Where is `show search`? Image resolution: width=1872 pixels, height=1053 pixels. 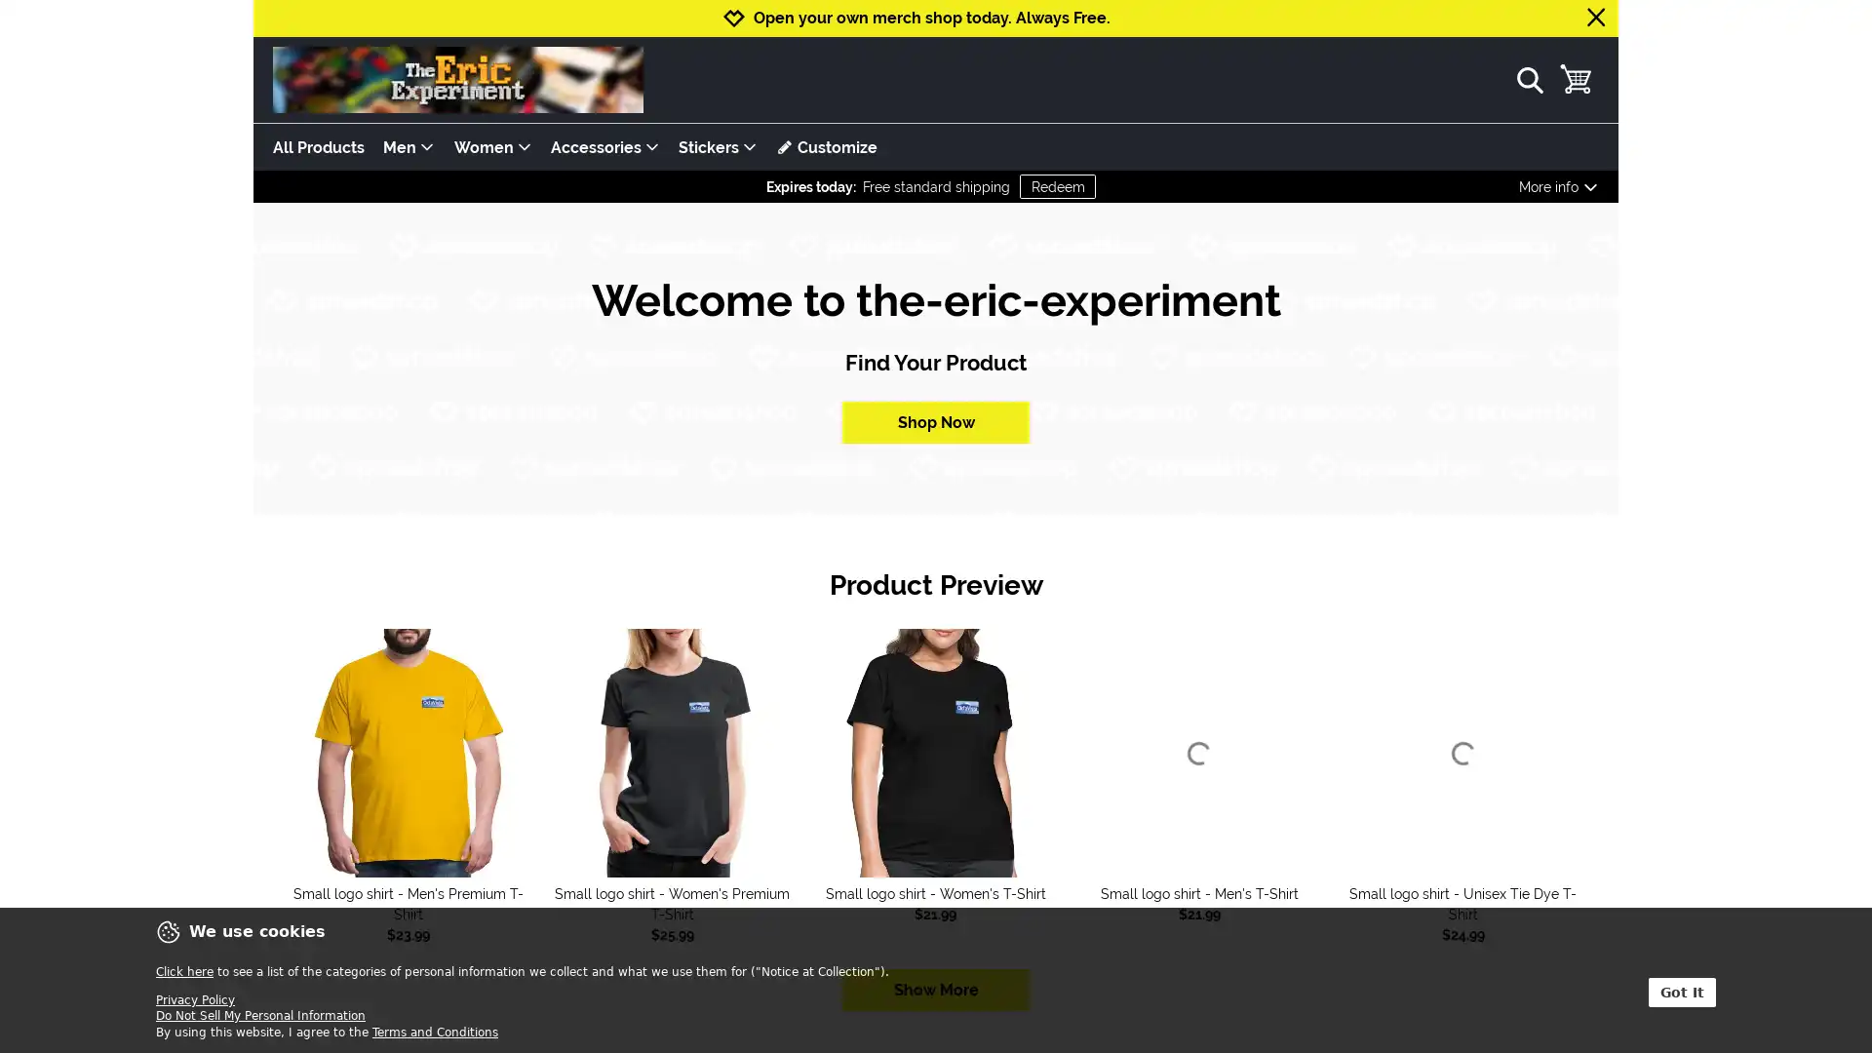 show search is located at coordinates (1528, 78).